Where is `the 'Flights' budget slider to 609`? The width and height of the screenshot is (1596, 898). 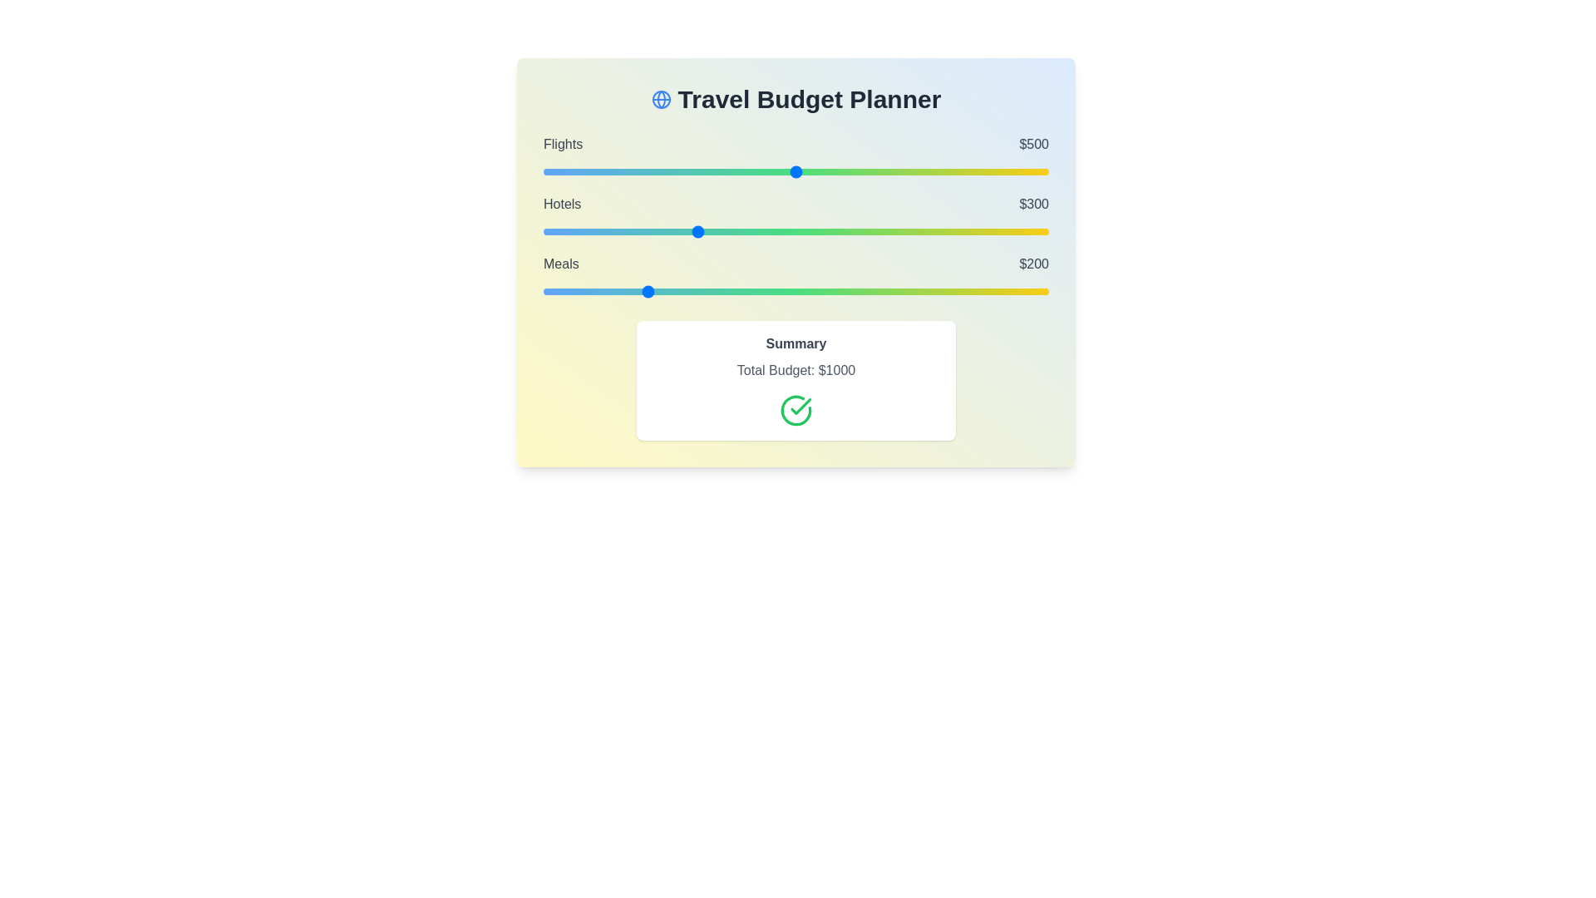
the 'Flights' budget slider to 609 is located at coordinates (851, 172).